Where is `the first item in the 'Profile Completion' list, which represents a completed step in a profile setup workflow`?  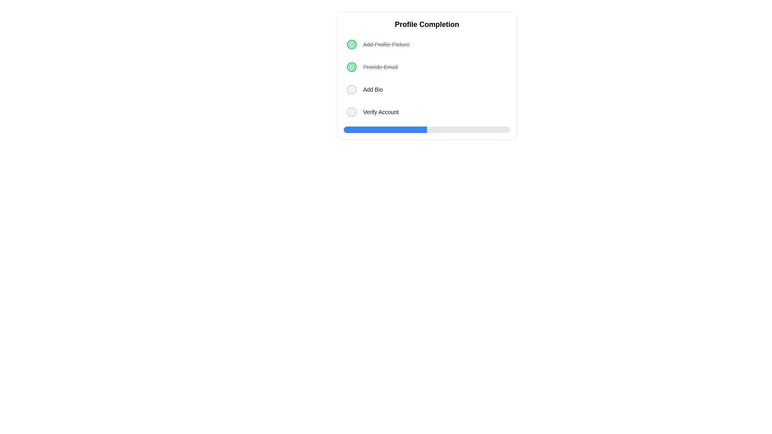
the first item in the 'Profile Completion' list, which represents a completed step in a profile setup workflow is located at coordinates (426, 45).